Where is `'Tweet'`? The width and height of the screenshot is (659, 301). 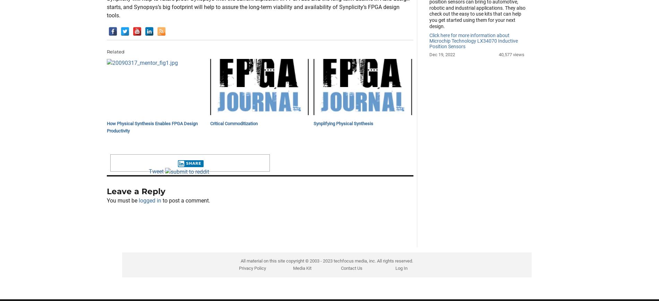 'Tweet' is located at coordinates (155, 206).